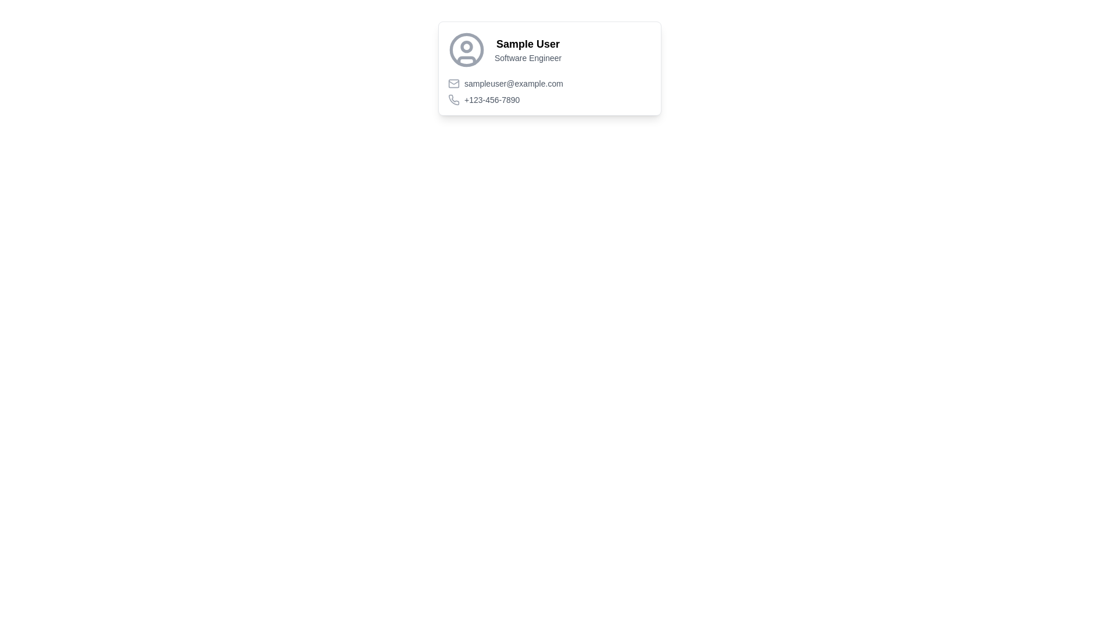  I want to click on the user name text label located at the top-left section of the card interface, which is positioned above the subtitle 'Software Engineer', so click(527, 44).